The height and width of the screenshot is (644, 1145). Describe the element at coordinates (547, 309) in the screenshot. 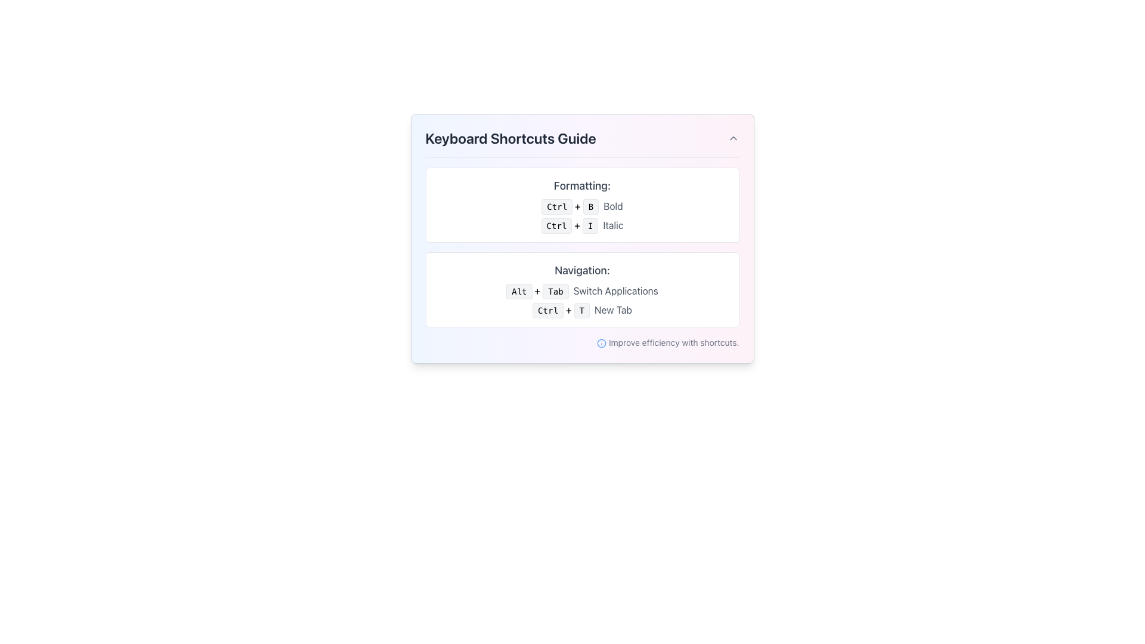

I see `the Text Label with Styling that represents part of the keyboard shortcut sequence for opening a new tab, located in the 'Keyboard Shortcuts Guide' under the 'Navigation' section, positioned before the '+' symbol and 'T'` at that location.